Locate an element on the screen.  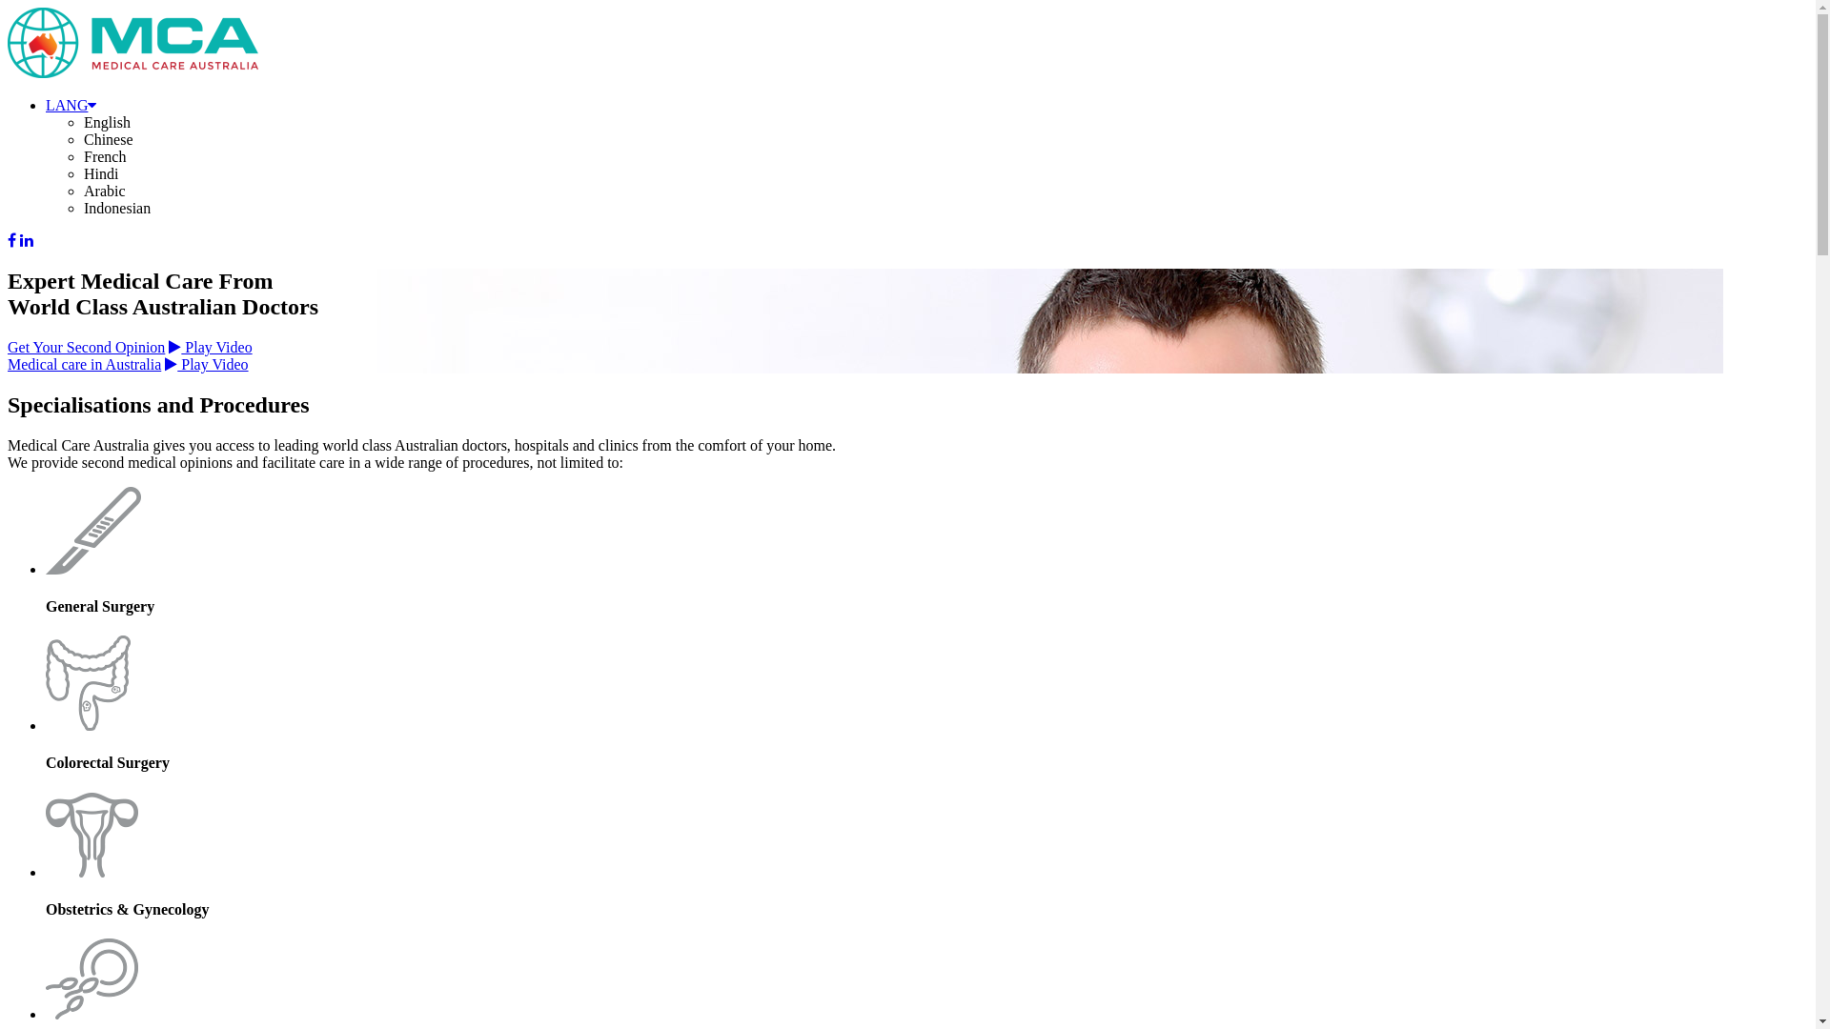
'LANG' is located at coordinates (71, 105).